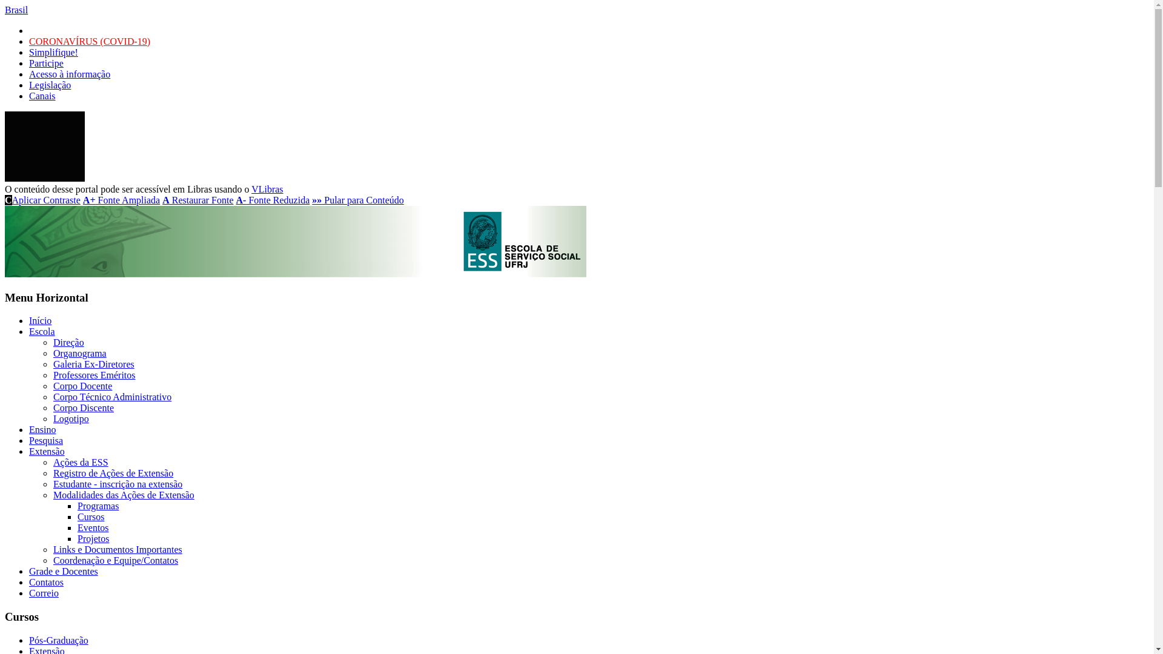  What do you see at coordinates (29, 429) in the screenshot?
I see `'Ensino'` at bounding box center [29, 429].